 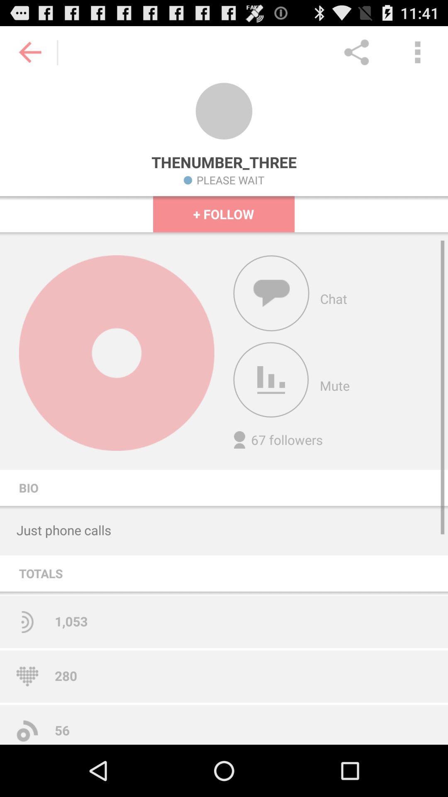 What do you see at coordinates (271, 379) in the screenshot?
I see `the icon beside mute` at bounding box center [271, 379].